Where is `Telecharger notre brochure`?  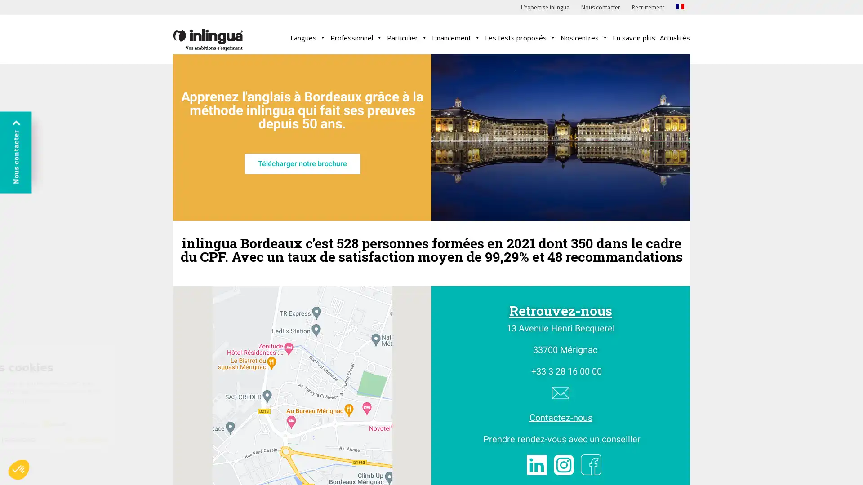 Telecharger notre brochure is located at coordinates (302, 164).